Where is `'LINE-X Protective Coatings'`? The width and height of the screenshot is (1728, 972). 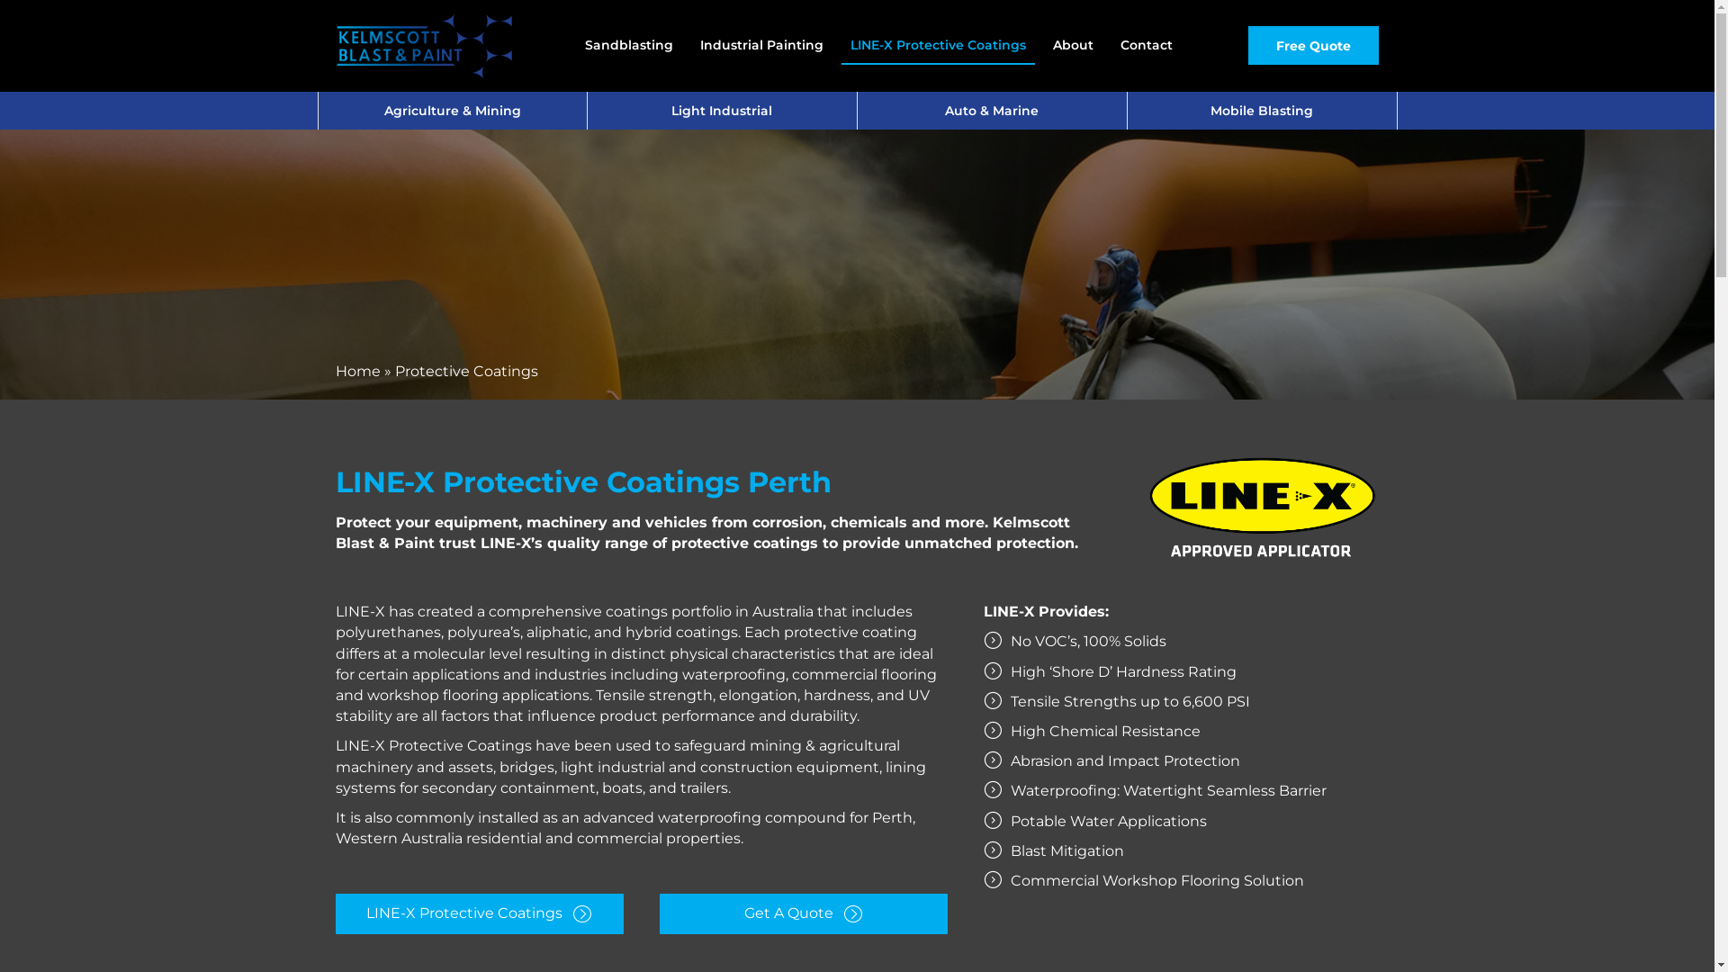
'LINE-X Protective Coatings' is located at coordinates (937, 44).